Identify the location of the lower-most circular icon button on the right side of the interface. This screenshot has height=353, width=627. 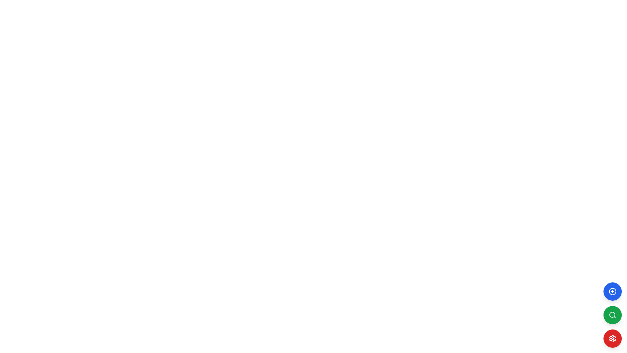
(612, 338).